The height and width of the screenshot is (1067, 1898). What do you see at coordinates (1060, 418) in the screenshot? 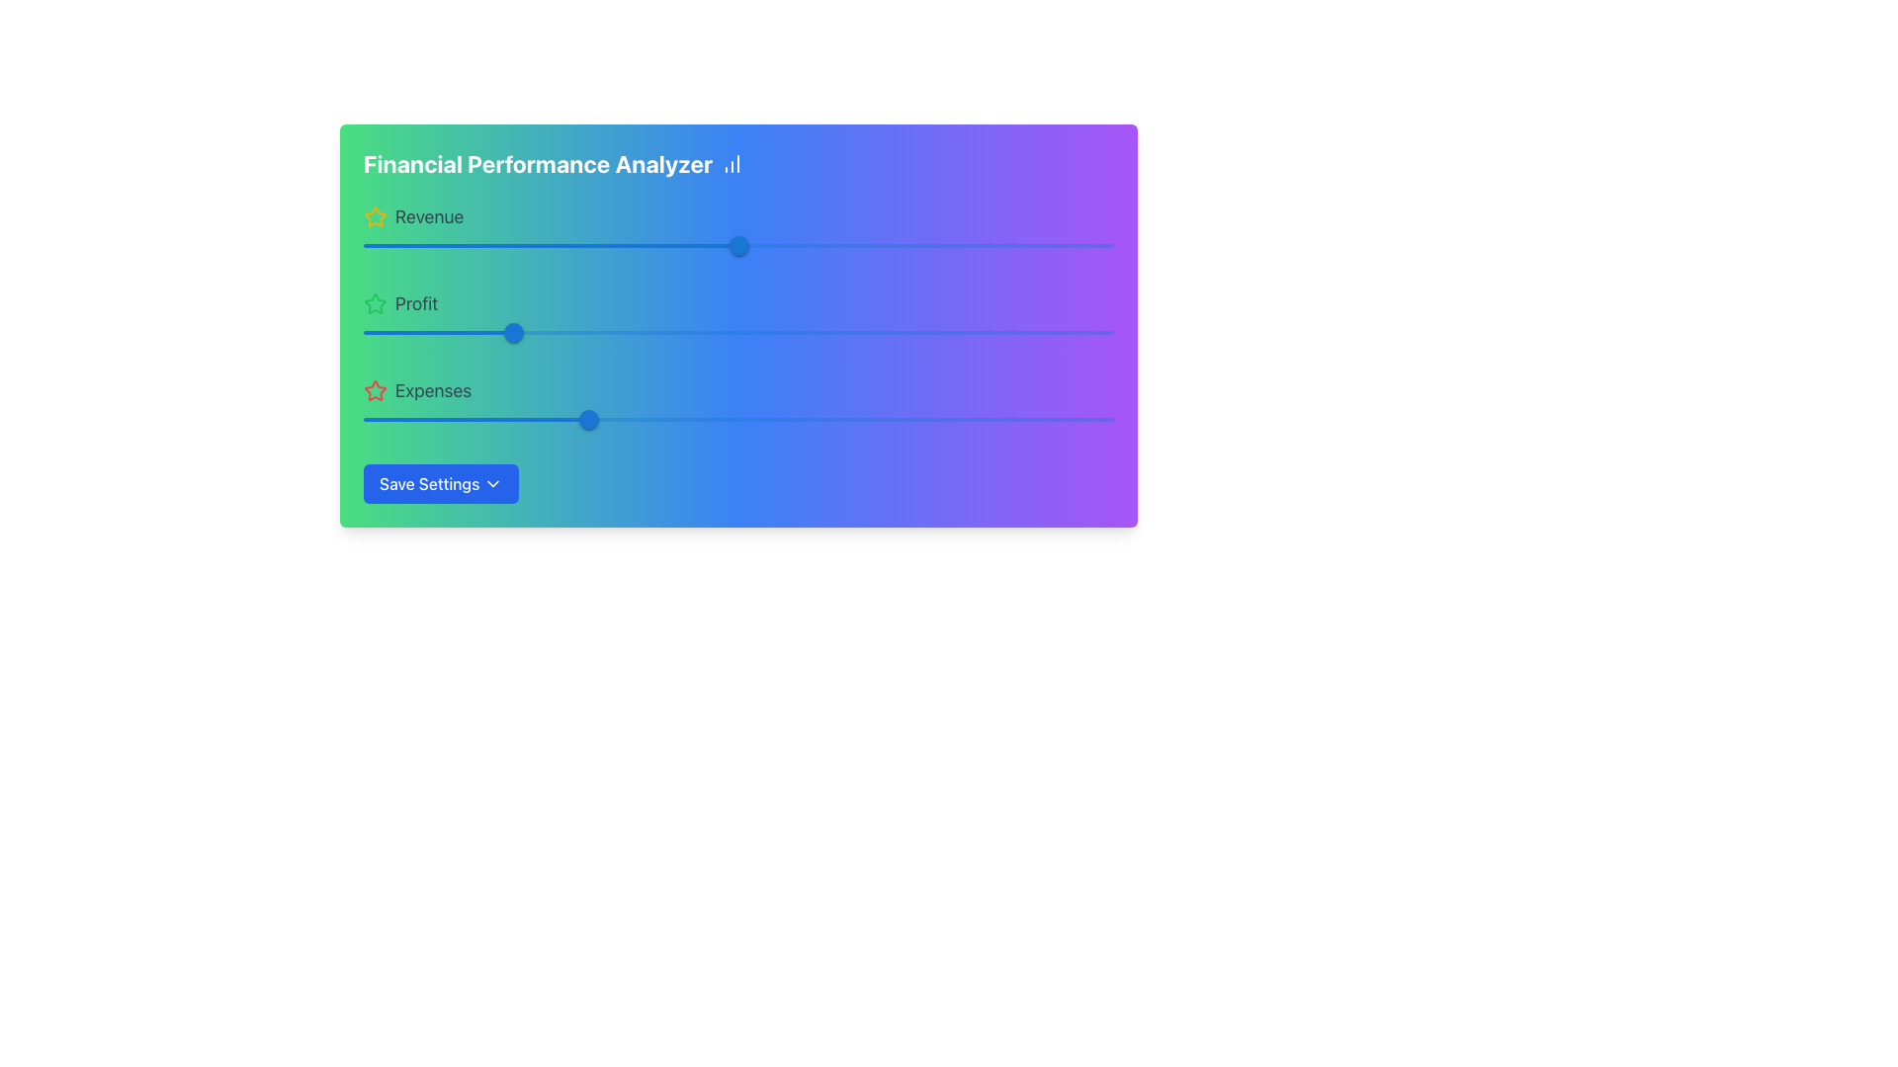
I see `the Expenses slider` at bounding box center [1060, 418].